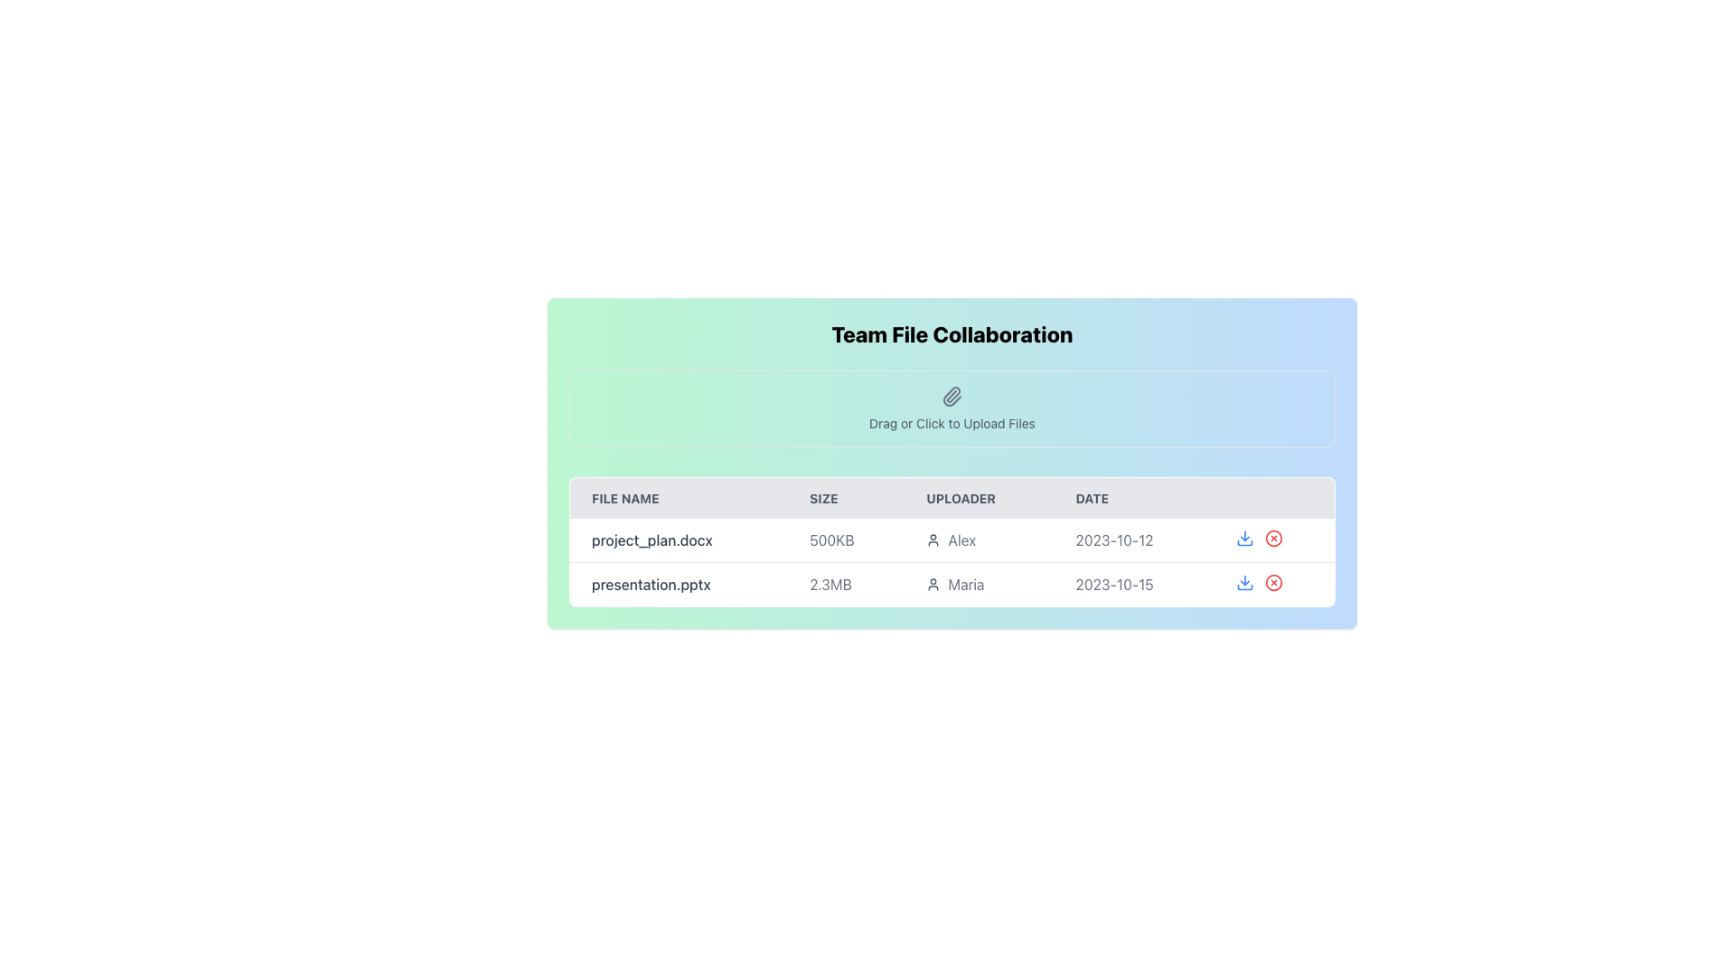 The width and height of the screenshot is (1735, 976). Describe the element at coordinates (1273, 538) in the screenshot. I see `the red circular delete button with a white 'X' symbol, located in the last column of the table next to the '2023-10-12' date entry and to the right of the download button for the file 'project_plan.docx'` at that location.